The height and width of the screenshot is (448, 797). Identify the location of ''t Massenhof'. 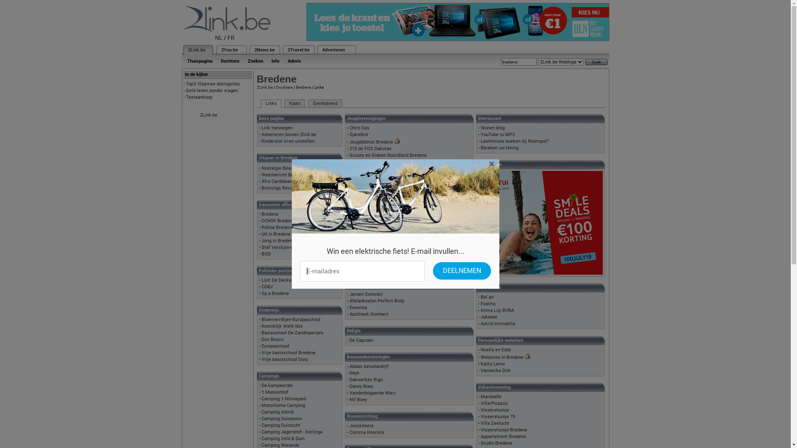
(275, 392).